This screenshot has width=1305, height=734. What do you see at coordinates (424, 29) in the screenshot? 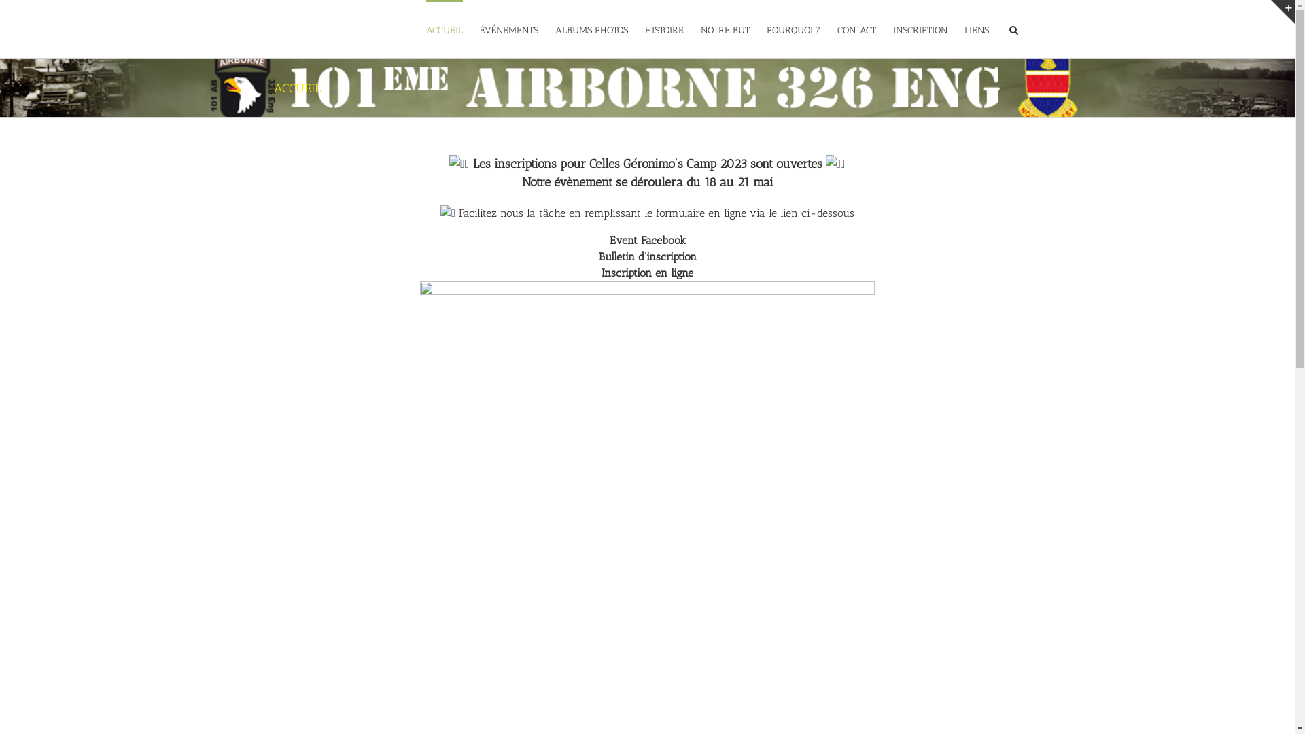
I see `'ACCUEIL'` at bounding box center [424, 29].